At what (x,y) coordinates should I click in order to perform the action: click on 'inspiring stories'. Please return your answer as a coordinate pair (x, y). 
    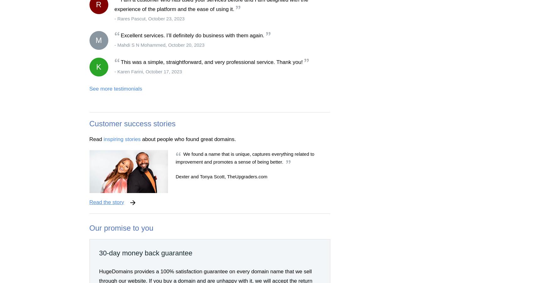
    Looking at the image, I should click on (122, 139).